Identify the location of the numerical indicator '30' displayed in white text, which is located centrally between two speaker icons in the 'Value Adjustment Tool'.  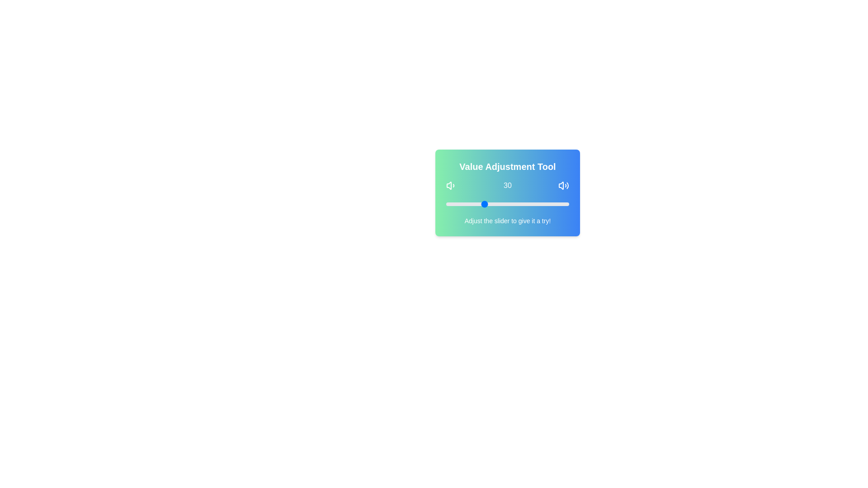
(508, 185).